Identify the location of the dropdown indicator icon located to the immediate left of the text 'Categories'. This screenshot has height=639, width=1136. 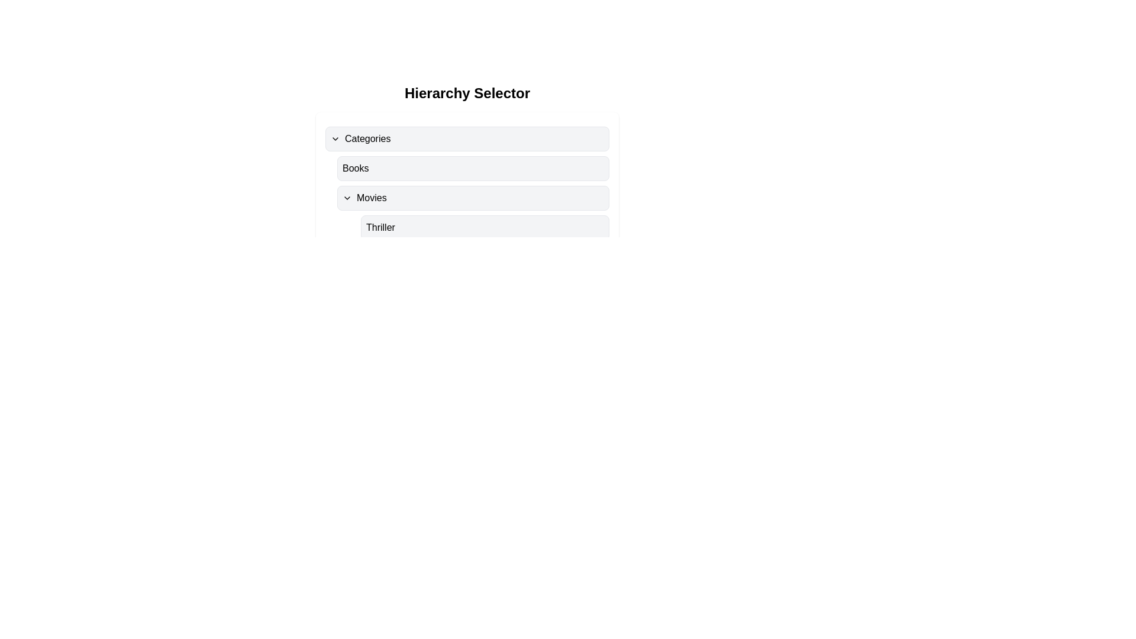
(334, 138).